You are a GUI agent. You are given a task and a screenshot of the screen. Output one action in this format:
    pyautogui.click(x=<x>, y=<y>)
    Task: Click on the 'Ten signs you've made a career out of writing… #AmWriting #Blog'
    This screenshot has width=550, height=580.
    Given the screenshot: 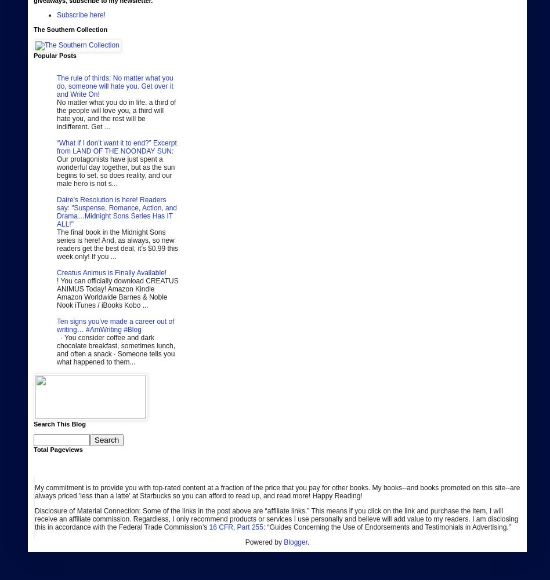 What is the action you would take?
    pyautogui.click(x=114, y=324)
    